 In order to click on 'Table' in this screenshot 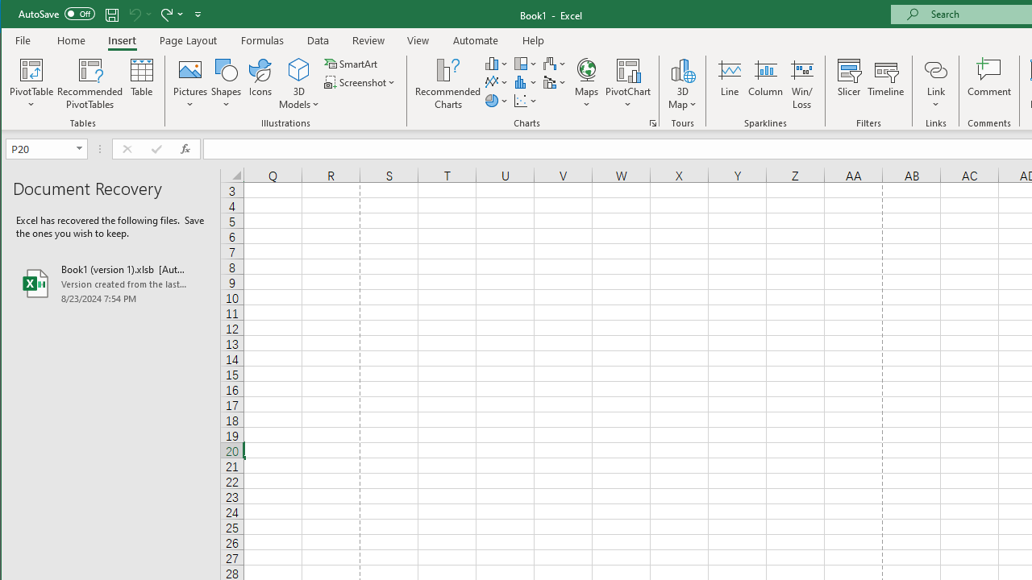, I will do `click(142, 84)`.